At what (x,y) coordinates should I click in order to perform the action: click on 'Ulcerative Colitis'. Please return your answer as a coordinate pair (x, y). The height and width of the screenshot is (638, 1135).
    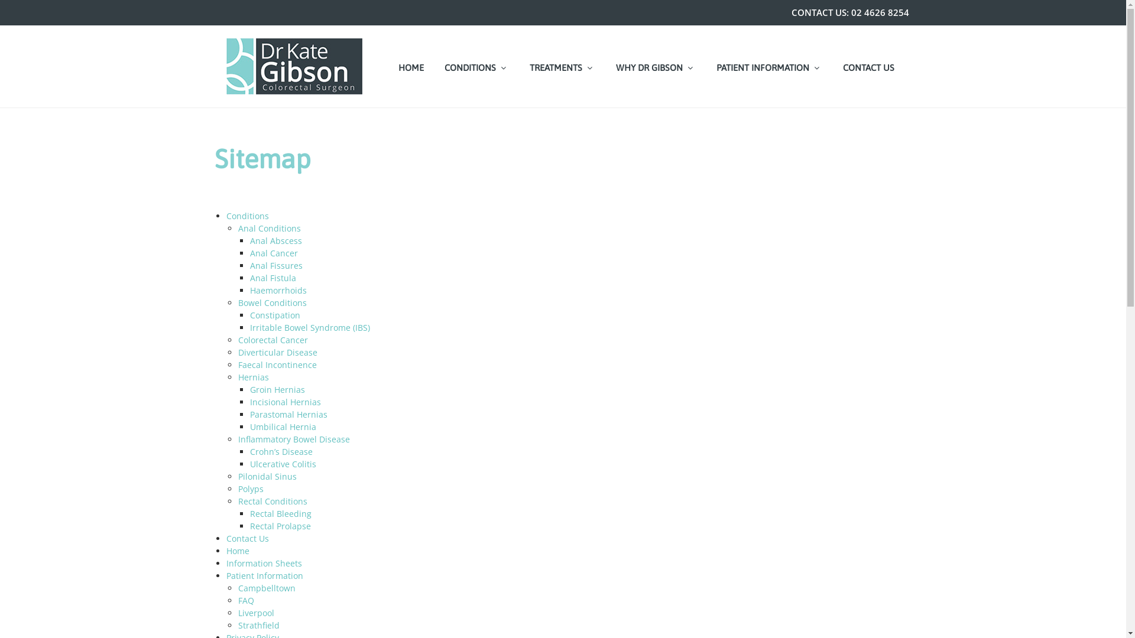
    Looking at the image, I should click on (282, 463).